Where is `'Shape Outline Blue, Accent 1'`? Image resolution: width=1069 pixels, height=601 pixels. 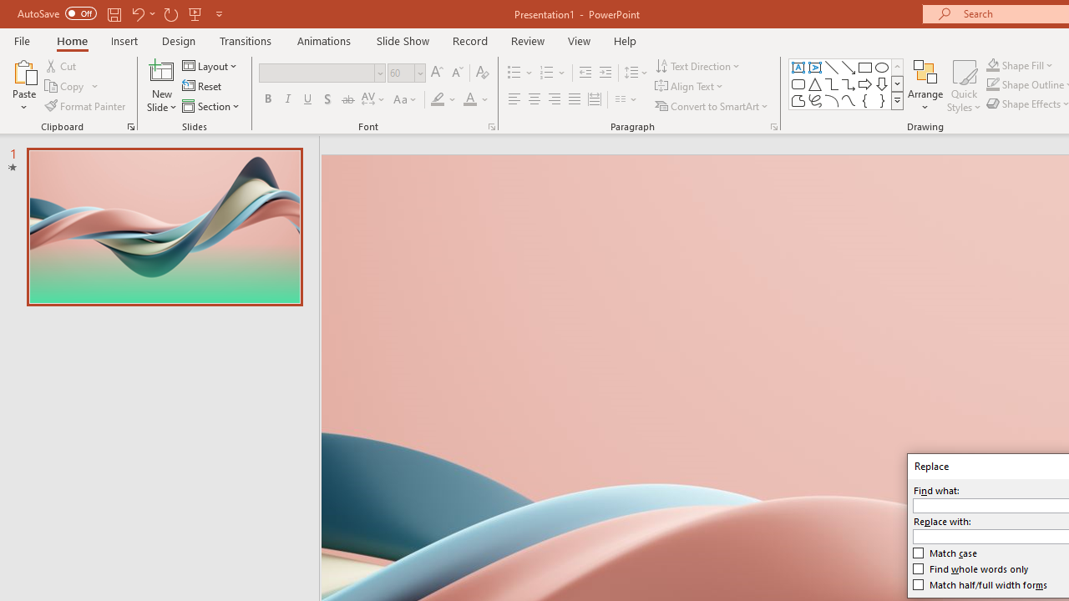
'Shape Outline Blue, Accent 1' is located at coordinates (993, 84).